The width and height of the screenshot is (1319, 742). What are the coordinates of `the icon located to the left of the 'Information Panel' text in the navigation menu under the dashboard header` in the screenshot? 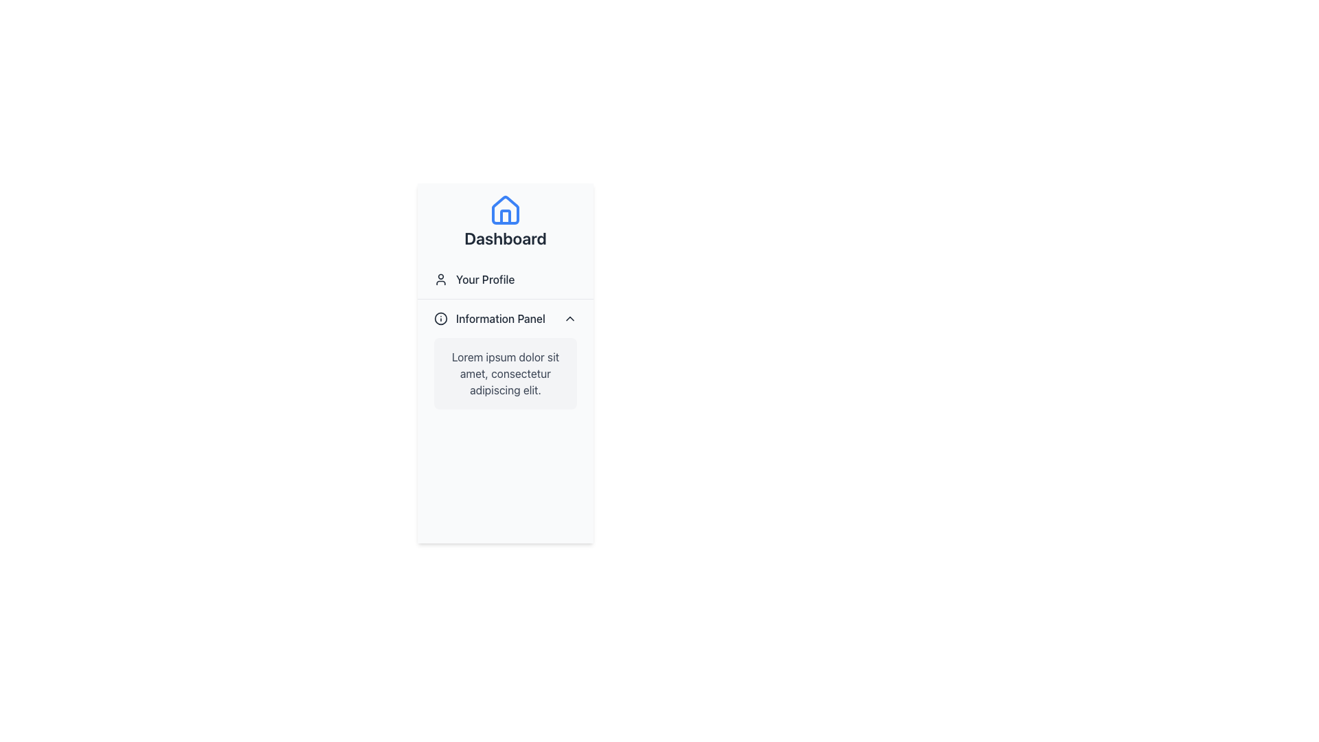 It's located at (441, 318).